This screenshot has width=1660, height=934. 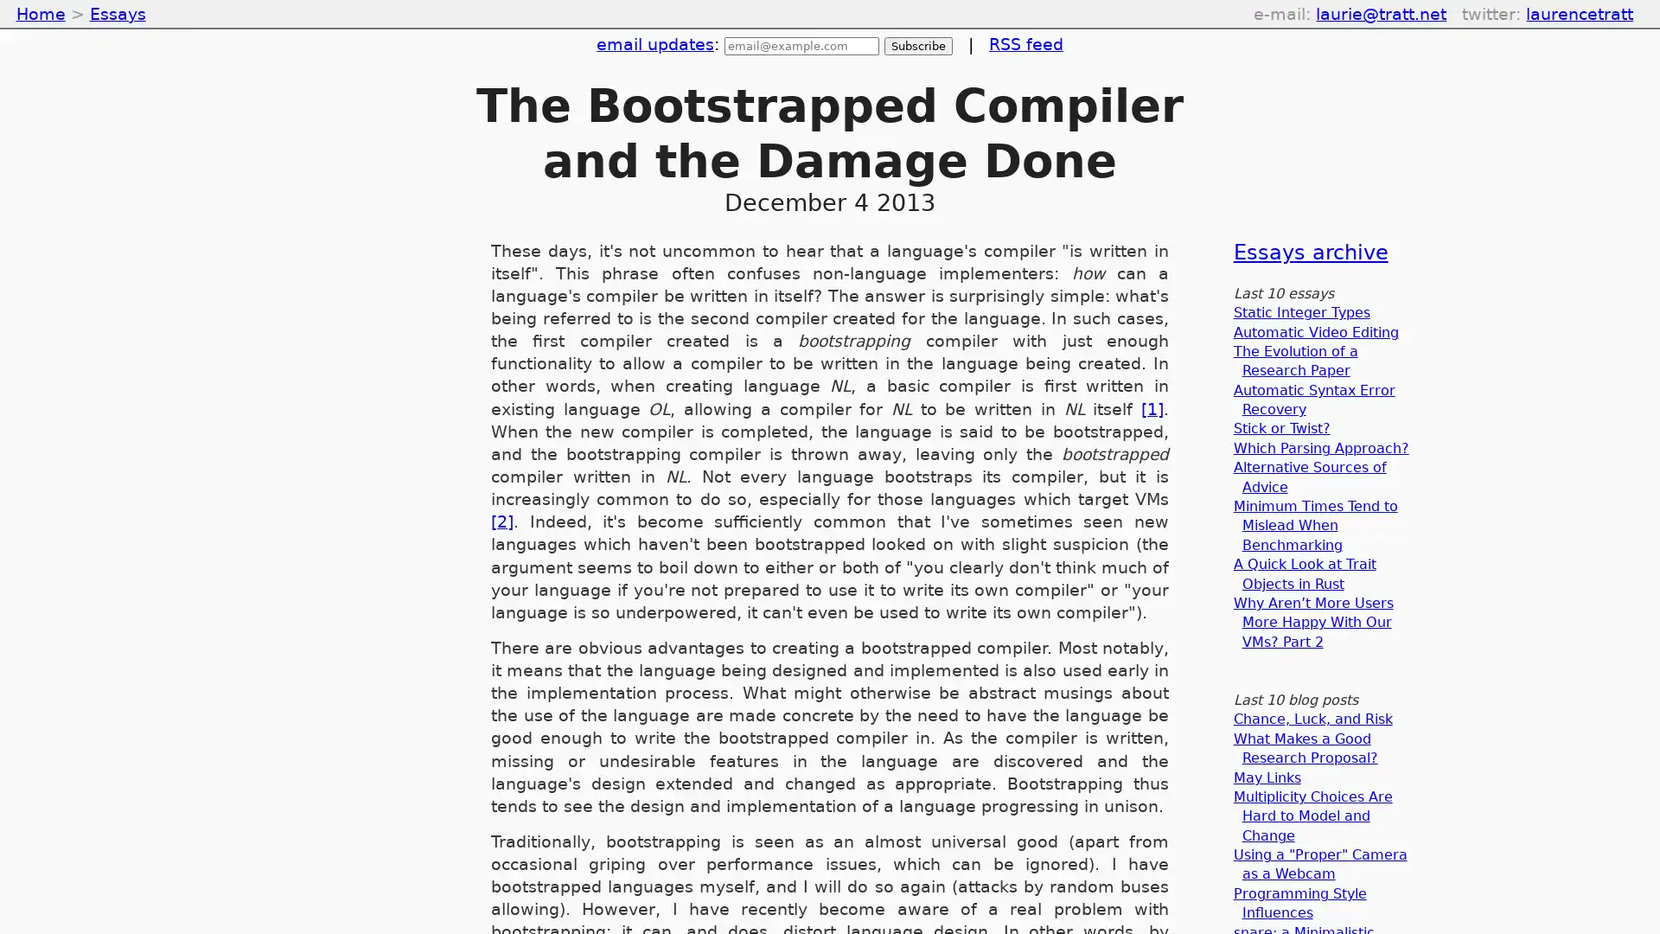 What do you see at coordinates (916, 45) in the screenshot?
I see `Subscribe` at bounding box center [916, 45].